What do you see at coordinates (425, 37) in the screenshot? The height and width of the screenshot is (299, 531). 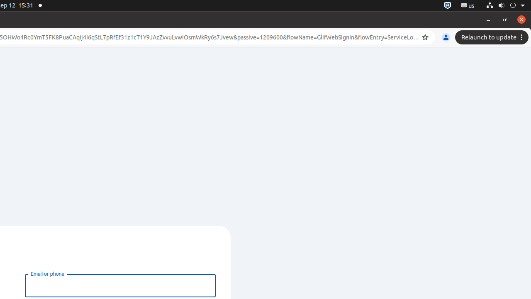 I see `'Bookmark this tab'` at bounding box center [425, 37].